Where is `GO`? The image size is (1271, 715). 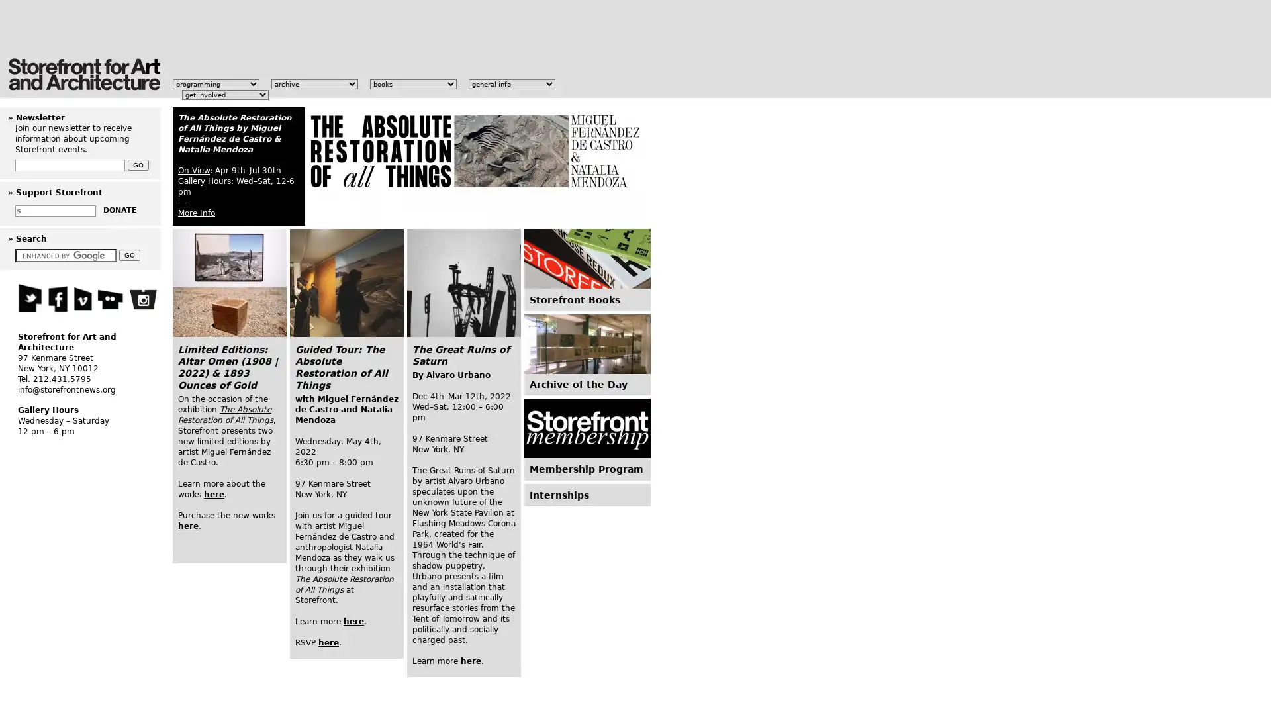 GO is located at coordinates (138, 164).